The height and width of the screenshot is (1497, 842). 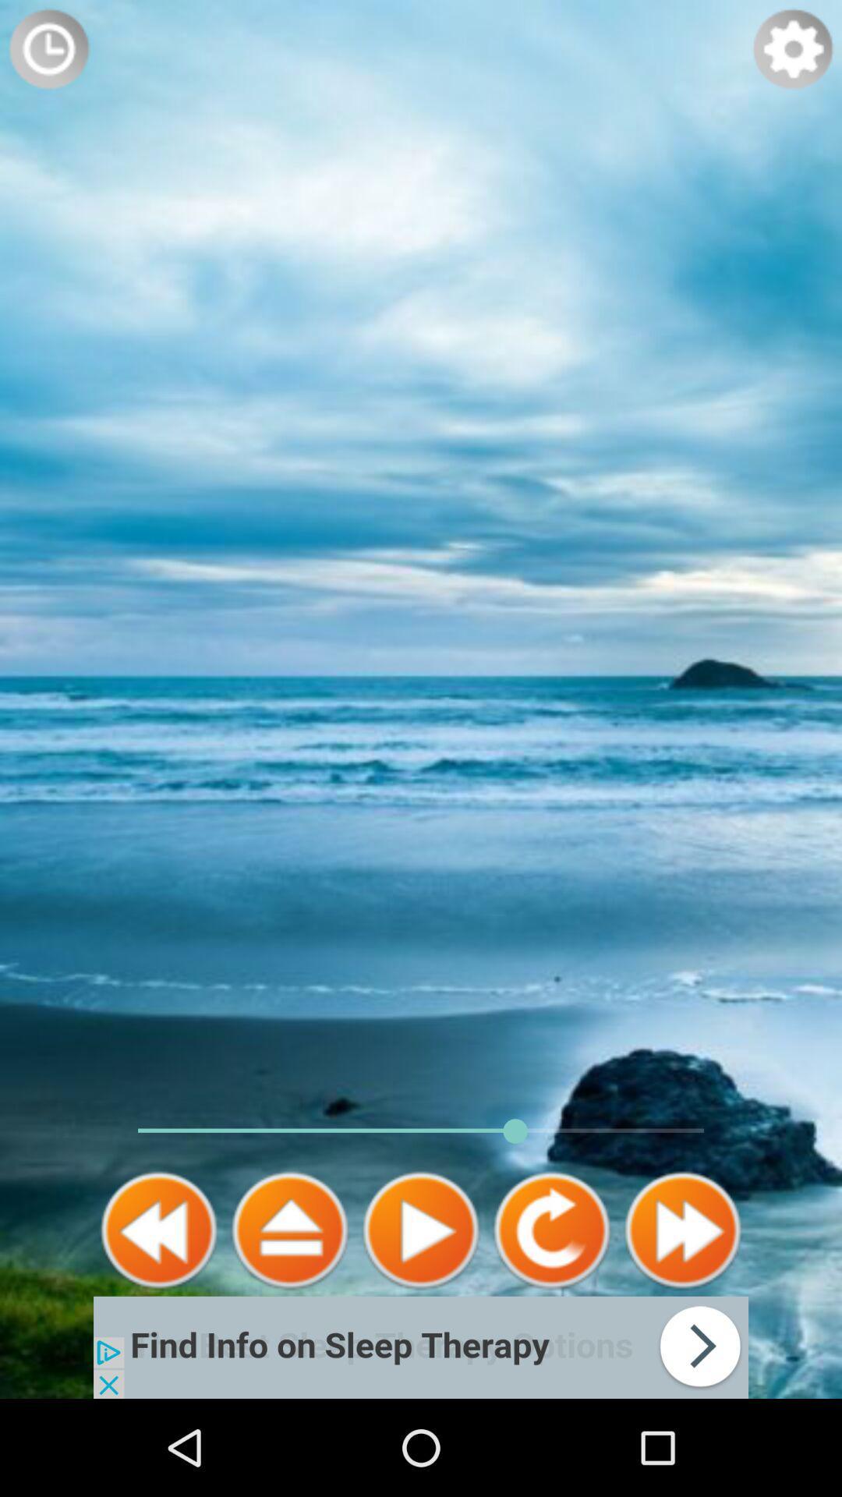 I want to click on open timer, so click(x=48, y=48).